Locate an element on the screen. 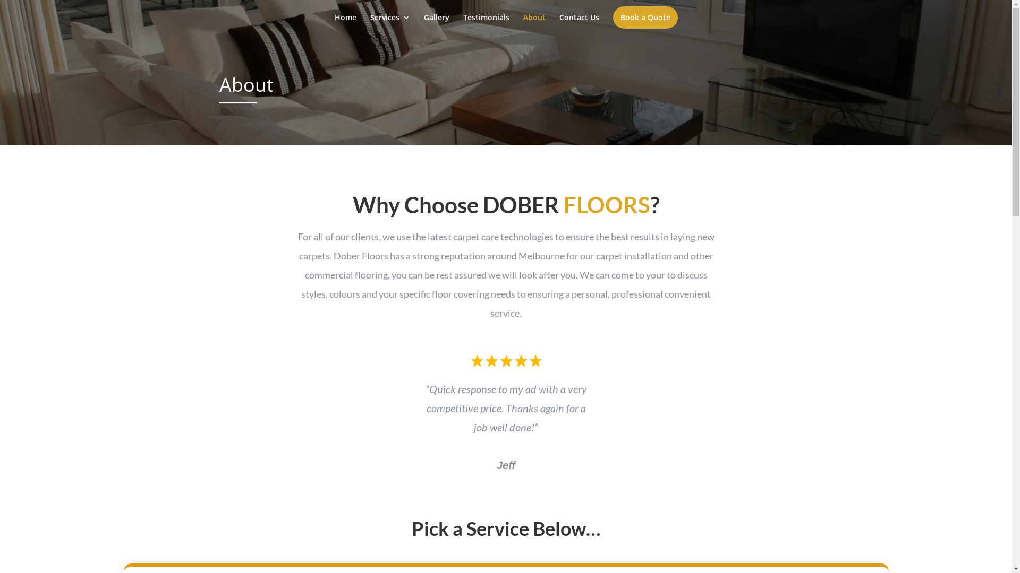 The image size is (1020, 573). 'Book a Quote' is located at coordinates (644, 18).